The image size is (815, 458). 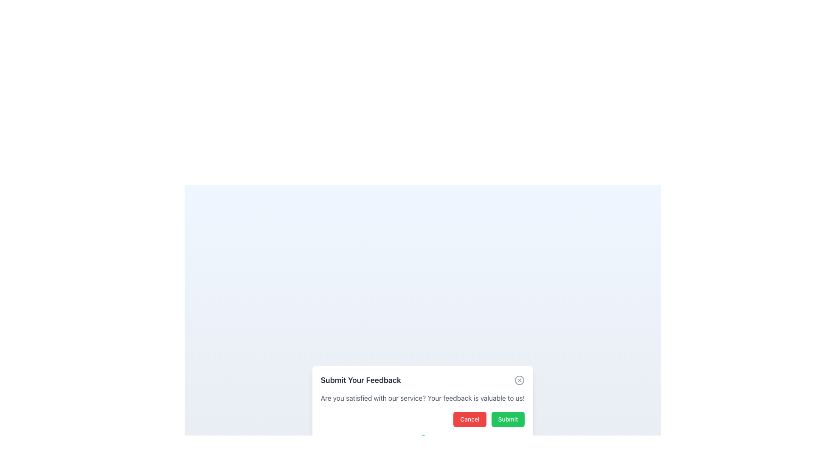 I want to click on the text content that invites users to provide feedback, located inside the feedback dialog box, below the 'Submit Your Feedback' title and above the 'Cancel' and 'Submit' buttons, so click(x=423, y=398).